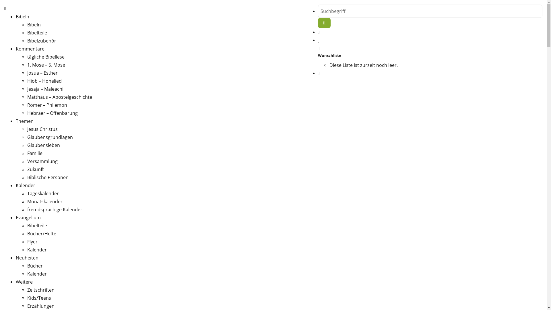 The width and height of the screenshot is (551, 310). Describe the element at coordinates (37, 33) in the screenshot. I see `'Bibelteile'` at that location.